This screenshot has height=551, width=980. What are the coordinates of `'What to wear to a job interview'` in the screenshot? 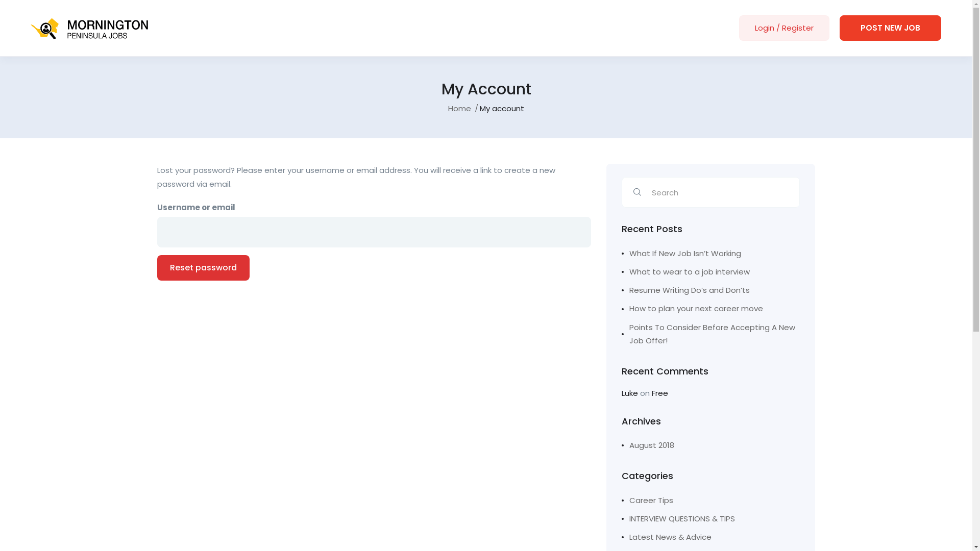 It's located at (710, 271).